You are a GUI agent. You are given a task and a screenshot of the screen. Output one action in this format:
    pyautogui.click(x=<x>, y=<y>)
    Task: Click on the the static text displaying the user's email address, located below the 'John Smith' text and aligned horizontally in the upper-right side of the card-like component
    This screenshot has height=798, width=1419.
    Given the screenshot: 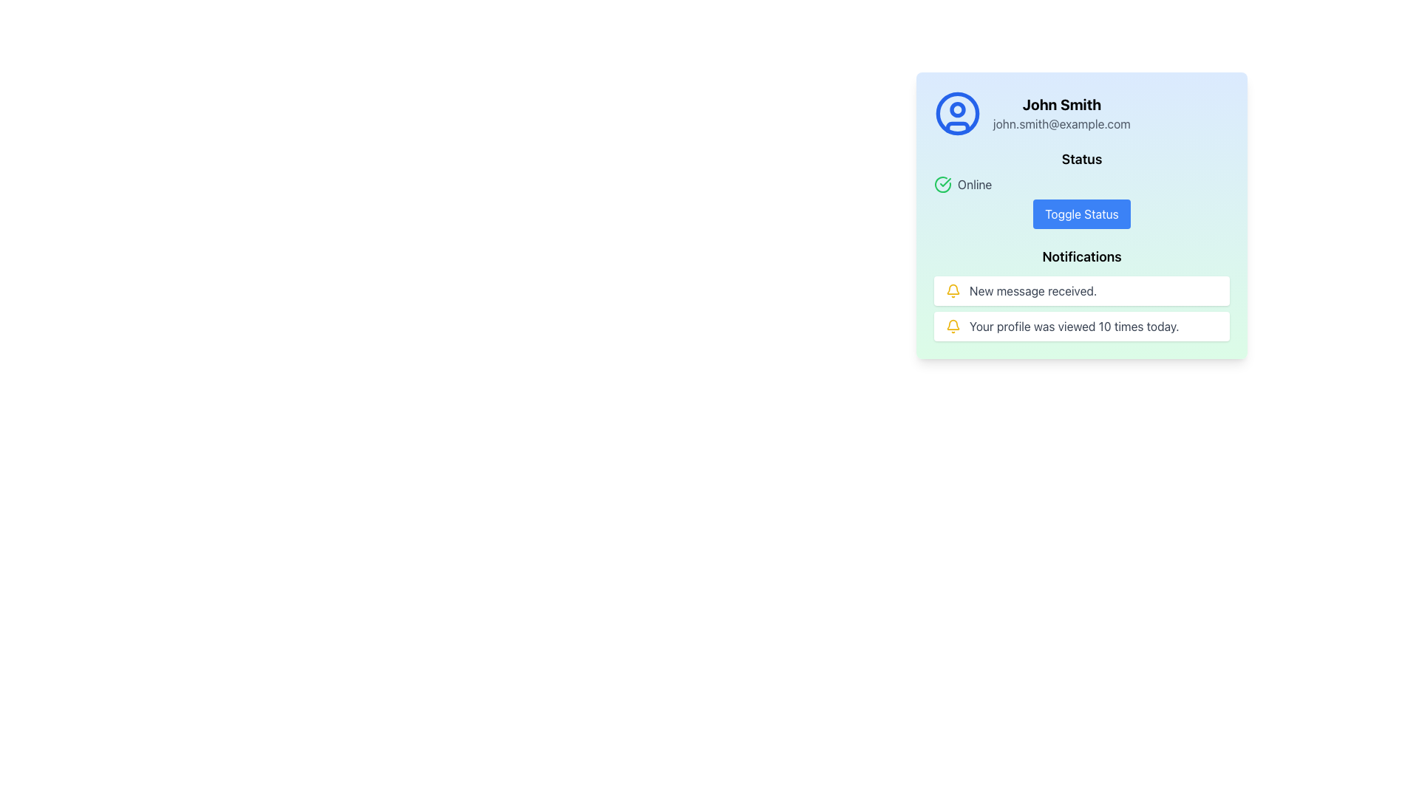 What is the action you would take?
    pyautogui.click(x=1061, y=123)
    